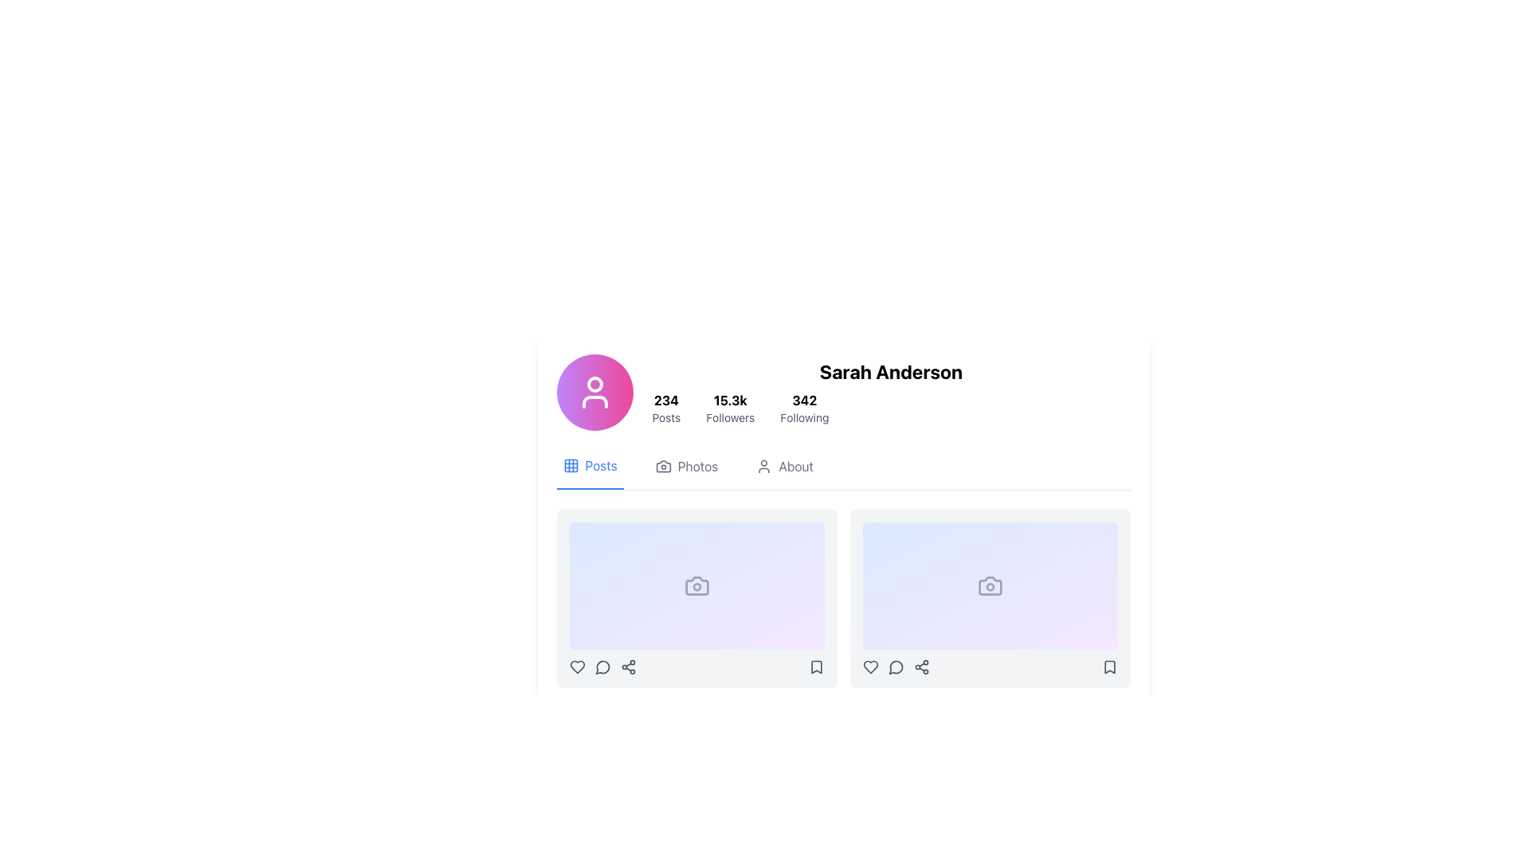 This screenshot has width=1530, height=860. What do you see at coordinates (666, 408) in the screenshot?
I see `information displayed in the Information display label that shows the total number of posts related to the profile being viewed, which is the leftmost item in the group of 'Posts', 'Followers', and 'Following'` at bounding box center [666, 408].